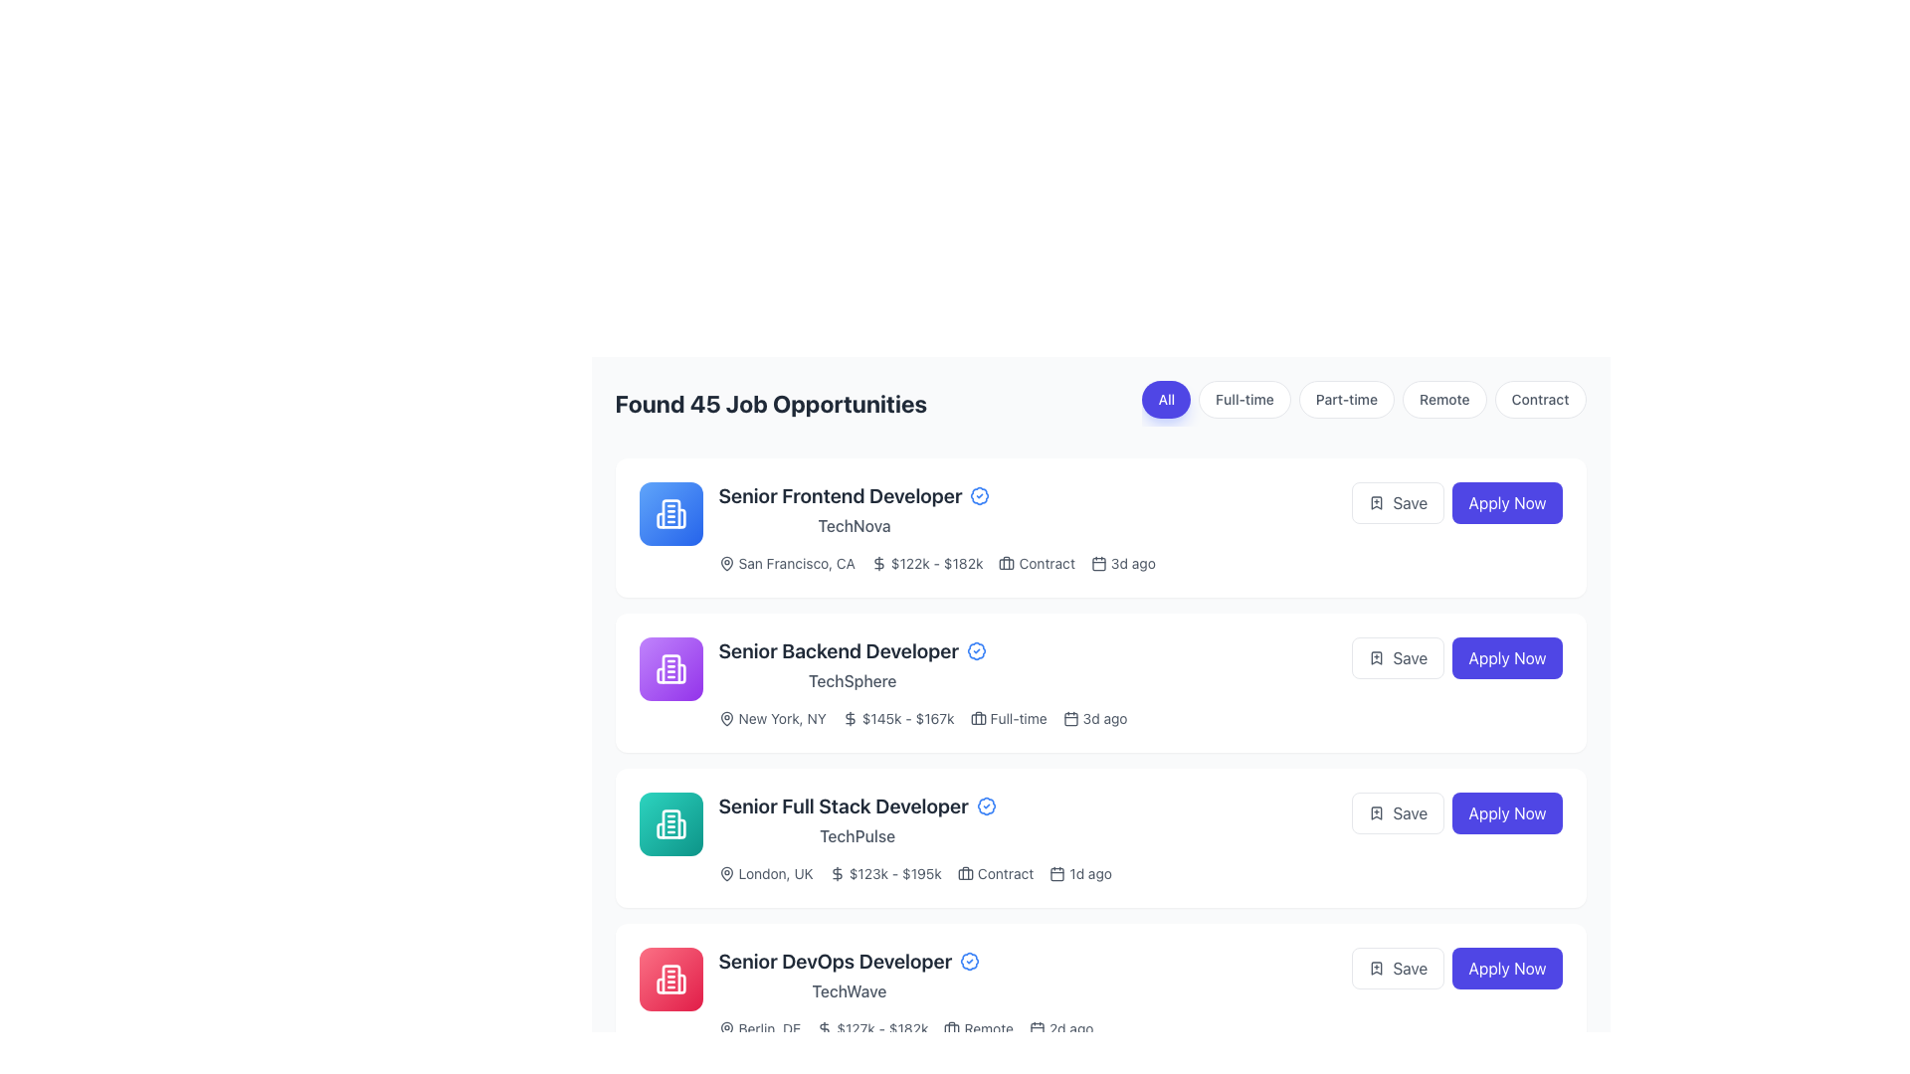 Image resolution: width=1910 pixels, height=1074 pixels. What do you see at coordinates (837, 873) in the screenshot?
I see `the monetary icon representing the salary range in the 'Senior Full Stack Developer' job listing, located next to the text '$123k - $195k'` at bounding box center [837, 873].